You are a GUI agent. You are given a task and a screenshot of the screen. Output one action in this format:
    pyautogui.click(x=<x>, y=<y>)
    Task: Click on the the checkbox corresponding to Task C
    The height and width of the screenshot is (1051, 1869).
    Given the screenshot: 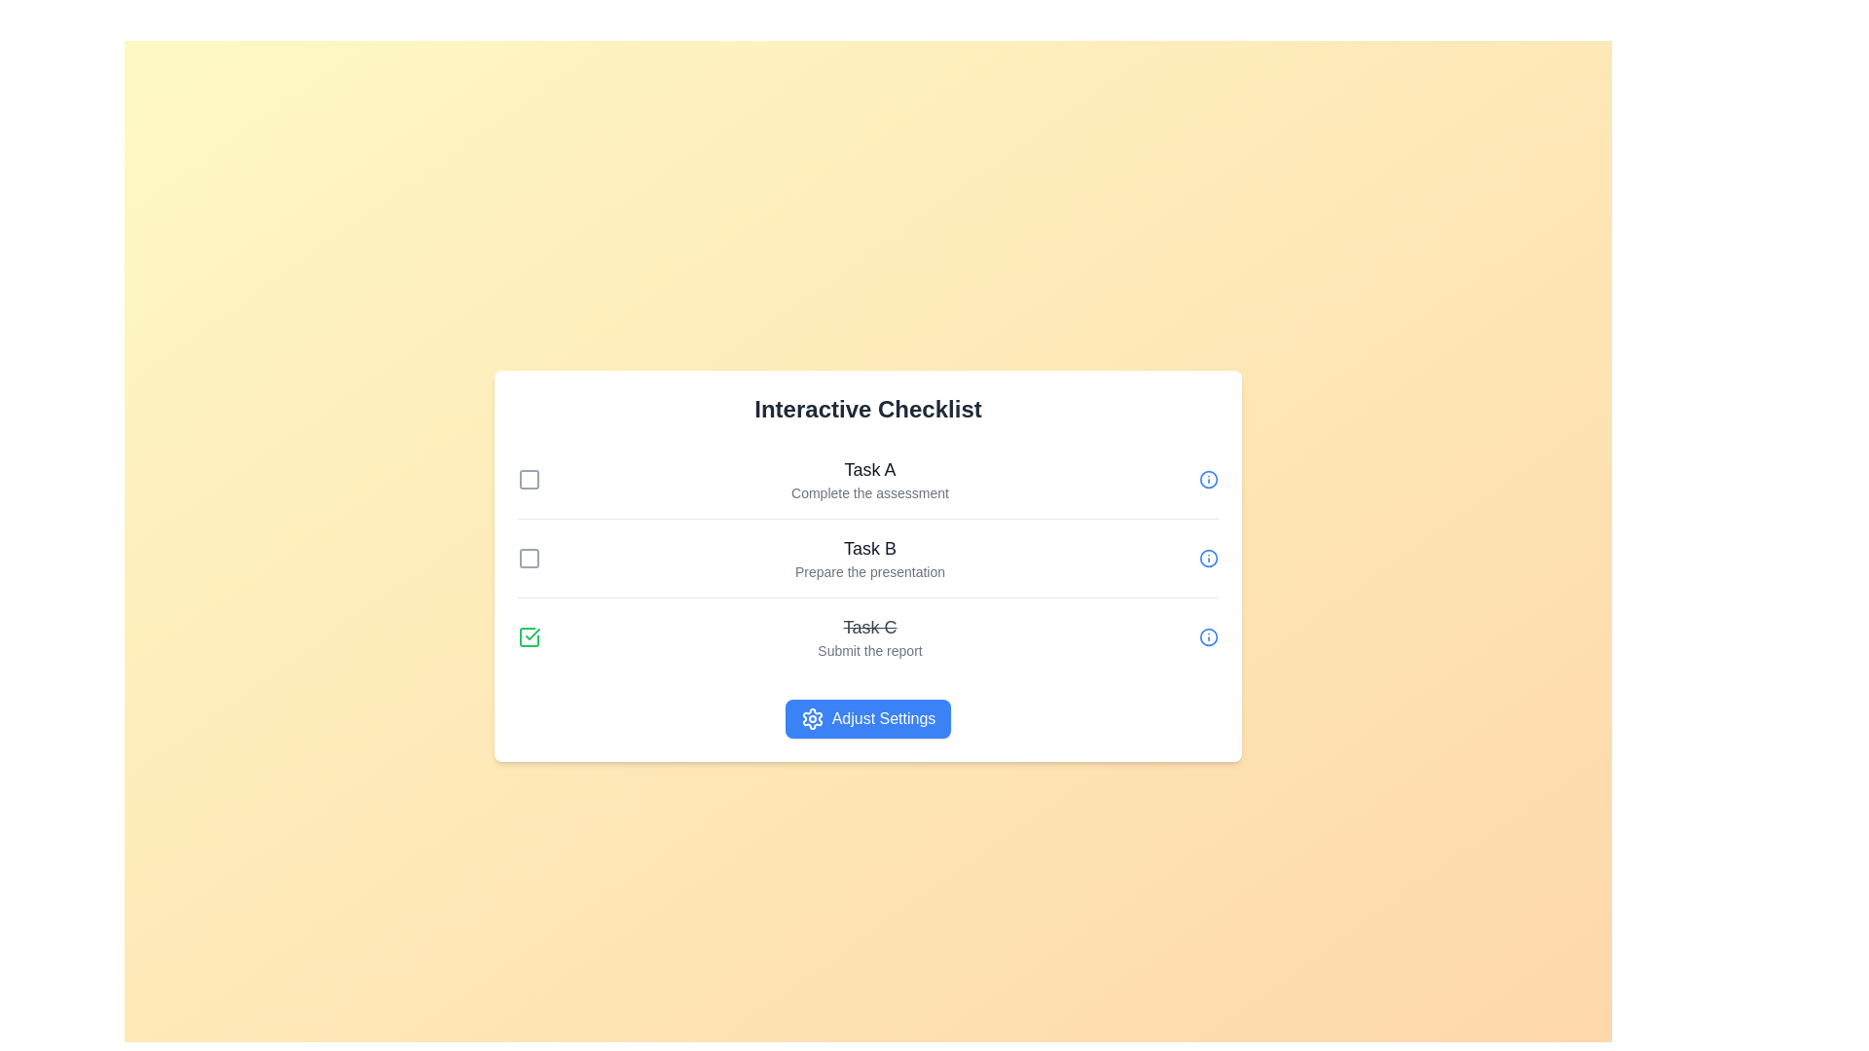 What is the action you would take?
    pyautogui.click(x=529, y=637)
    